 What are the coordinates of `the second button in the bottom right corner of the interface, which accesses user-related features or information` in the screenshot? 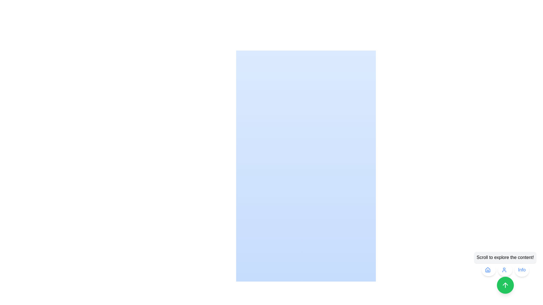 It's located at (505, 270).